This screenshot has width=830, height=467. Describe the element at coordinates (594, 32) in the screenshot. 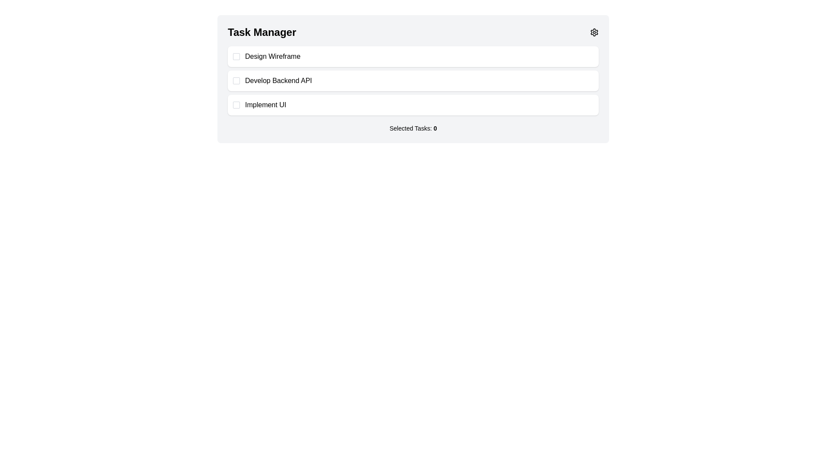

I see `the small circular gear icon located next to the 'Task Manager' title` at that location.